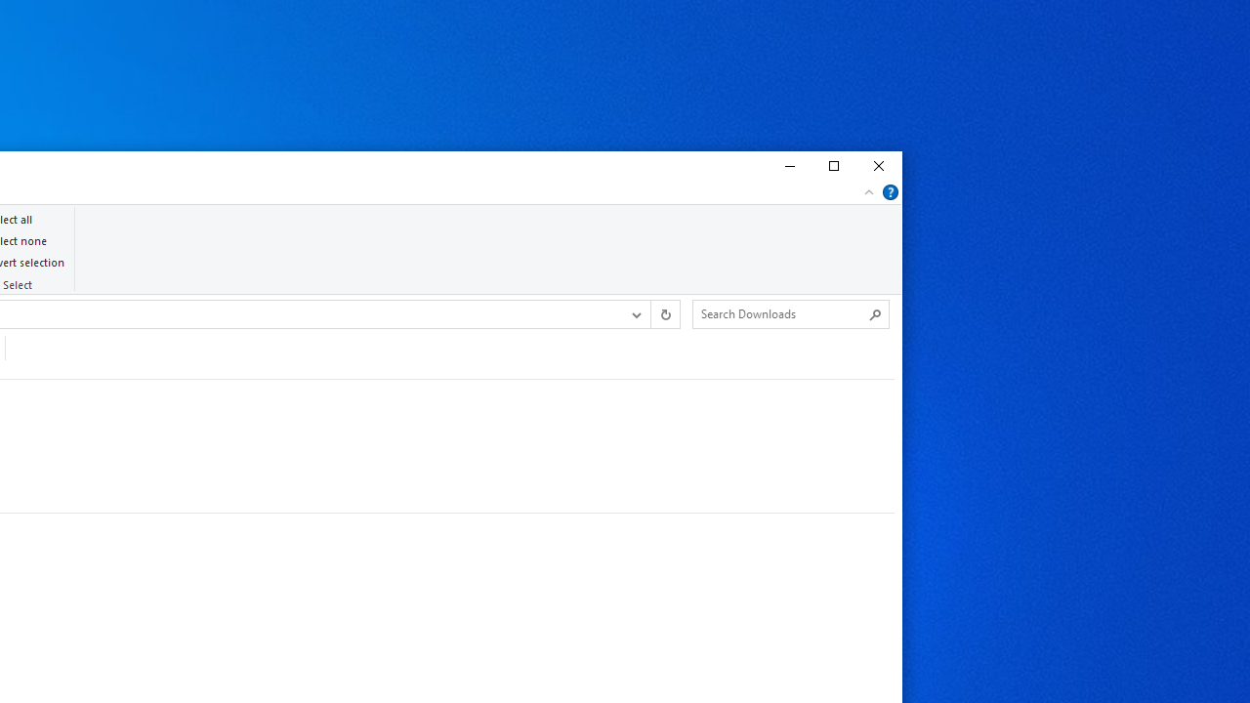 The width and height of the screenshot is (1250, 703). What do you see at coordinates (878, 166) in the screenshot?
I see `'Close'` at bounding box center [878, 166].